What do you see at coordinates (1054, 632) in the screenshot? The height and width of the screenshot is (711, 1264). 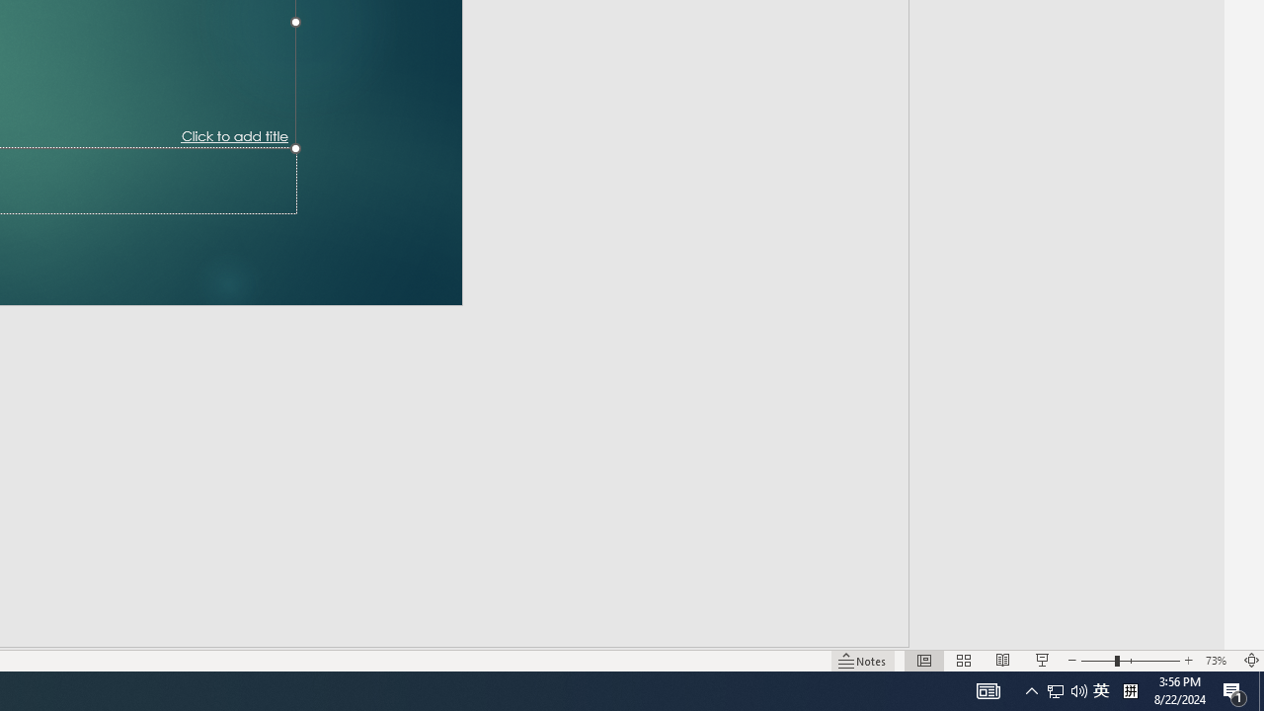 I see `'Zoom Out'` at bounding box center [1054, 632].